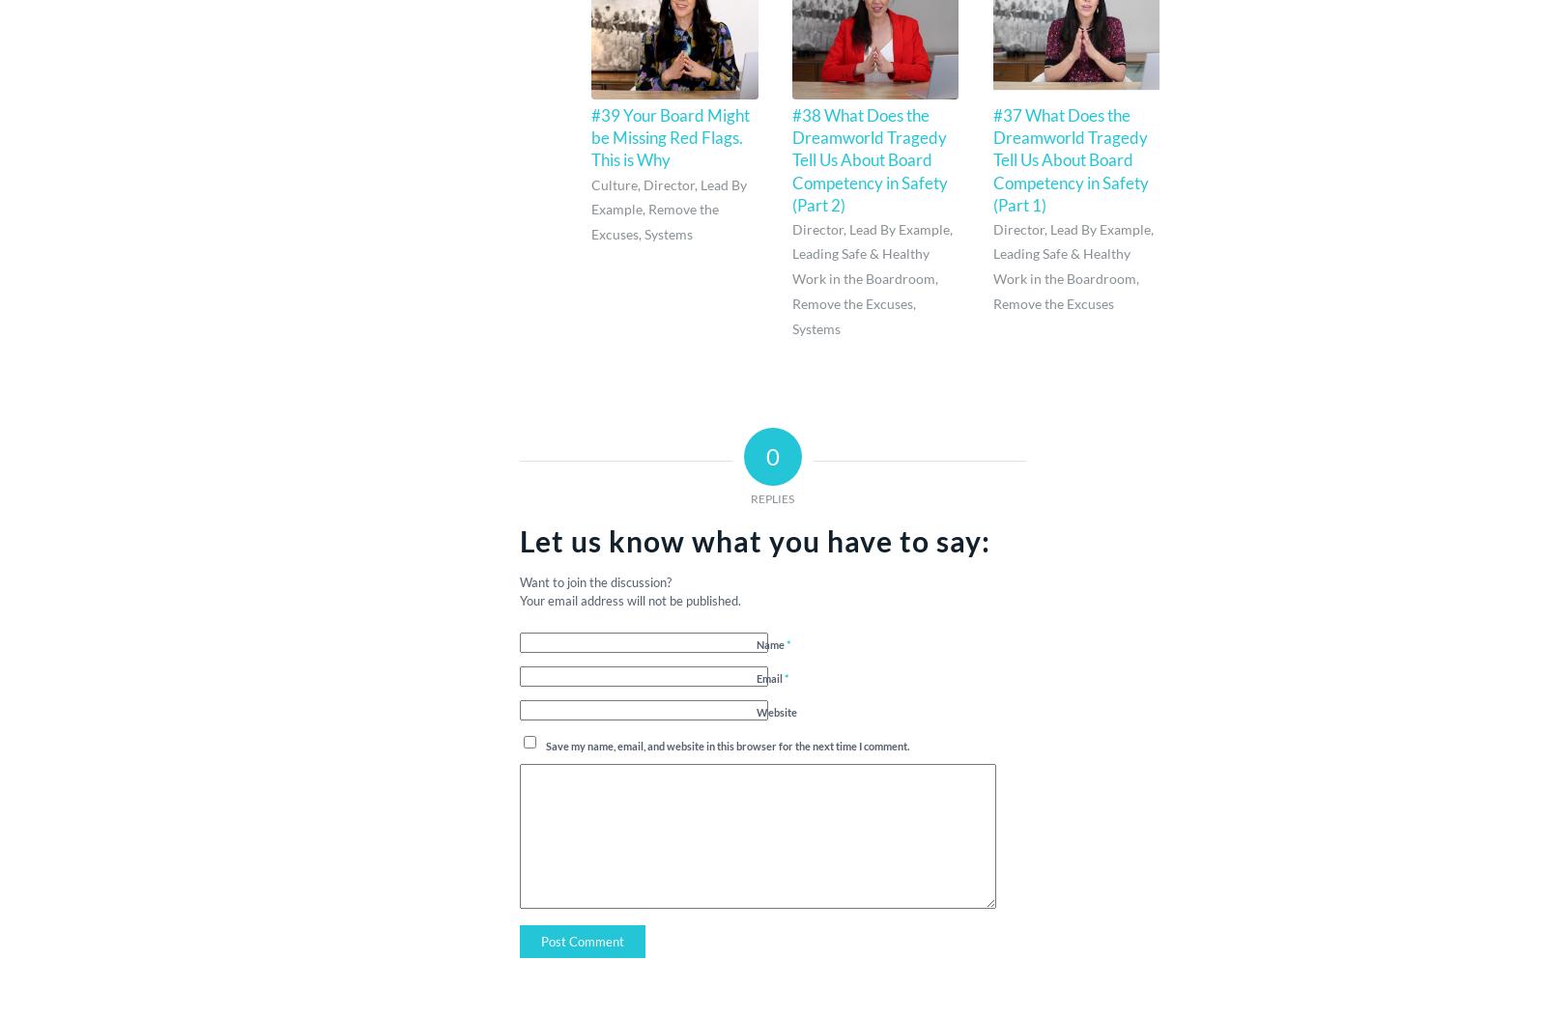 This screenshot has width=1546, height=1016. Describe the element at coordinates (770, 643) in the screenshot. I see `'Name'` at that location.